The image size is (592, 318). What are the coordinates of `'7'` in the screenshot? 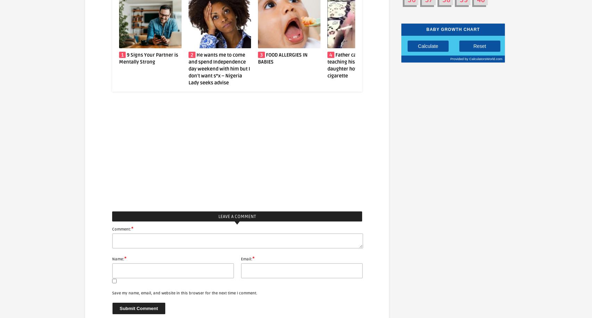 It's located at (469, 55).